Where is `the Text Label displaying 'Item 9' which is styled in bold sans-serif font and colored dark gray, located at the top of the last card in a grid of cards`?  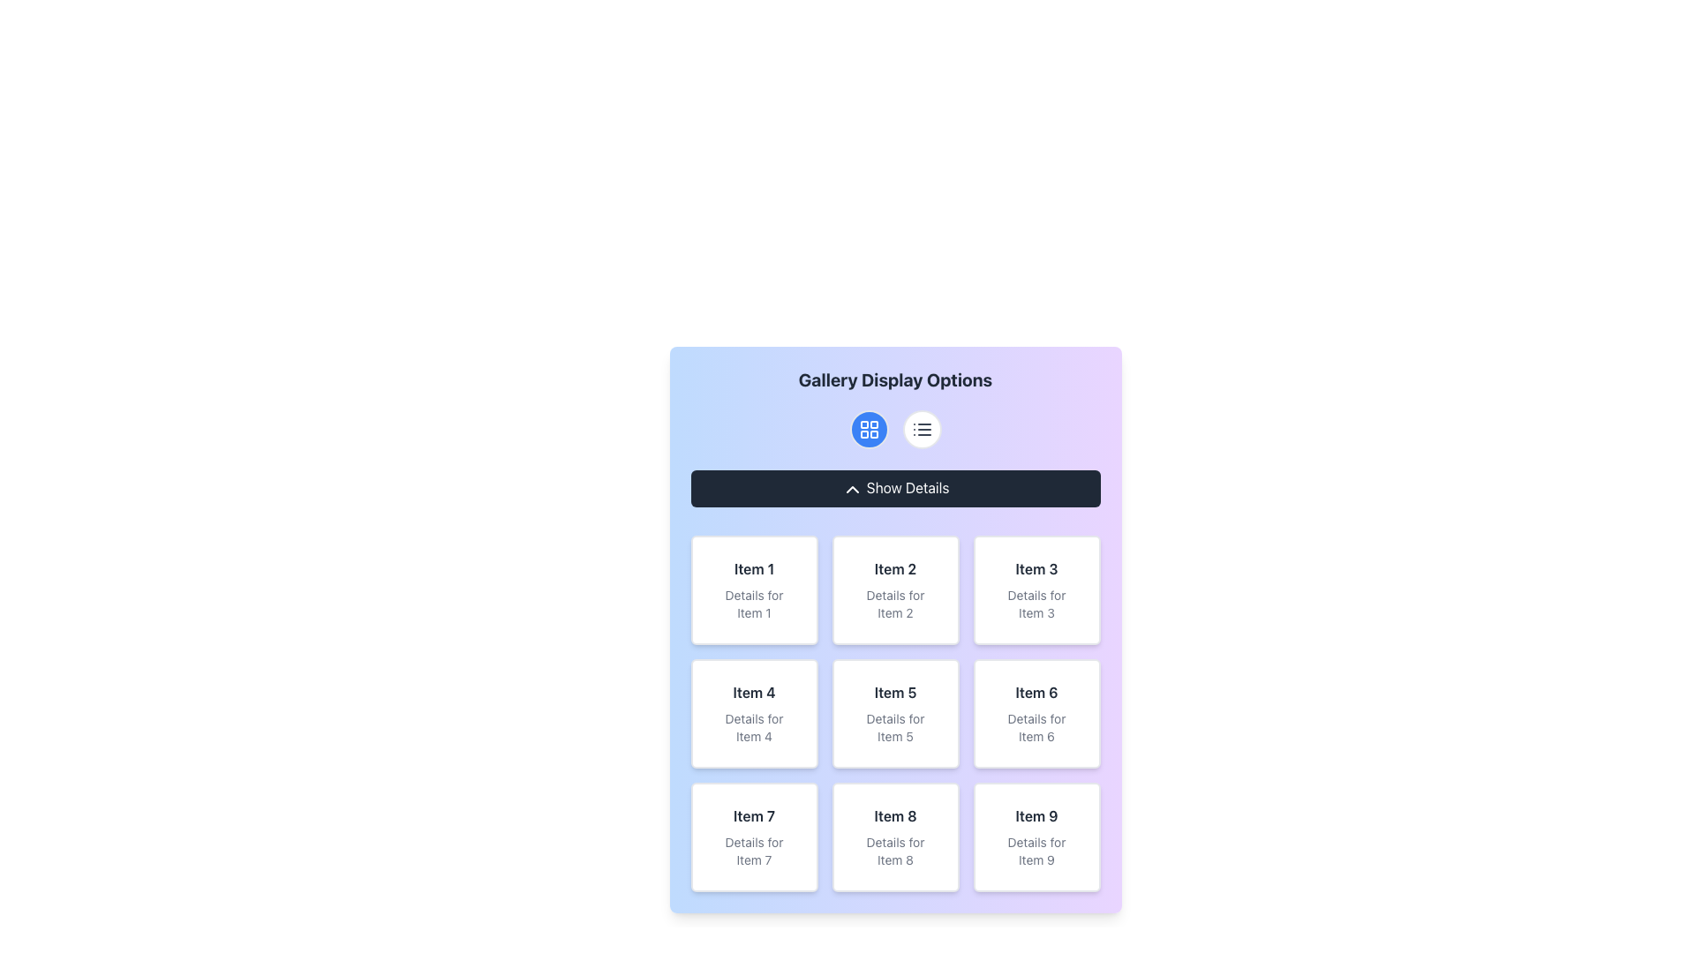
the Text Label displaying 'Item 9' which is styled in bold sans-serif font and colored dark gray, located at the top of the last card in a grid of cards is located at coordinates (1036, 815).